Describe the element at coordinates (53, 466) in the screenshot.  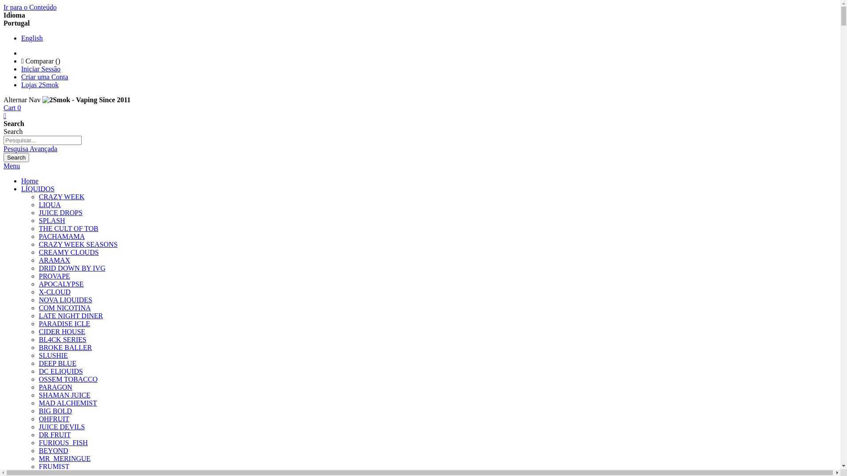
I see `'FRUMIST'` at that location.